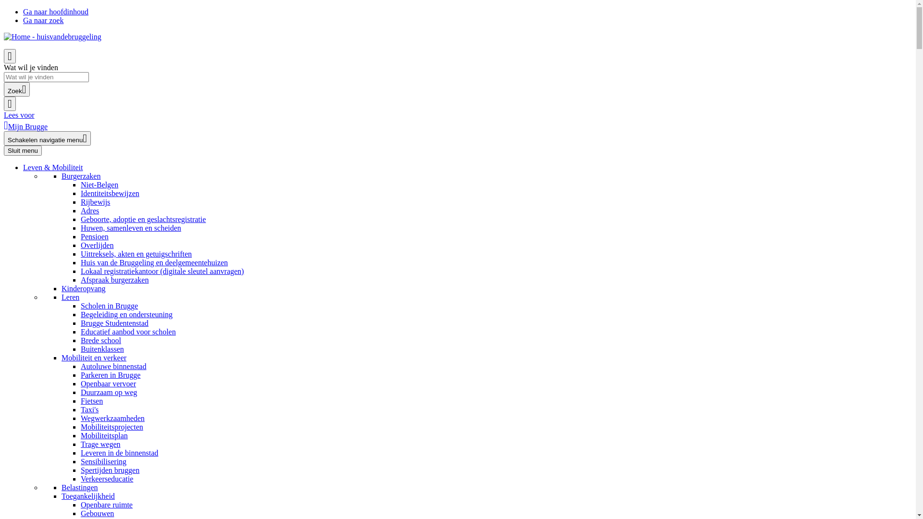  Describe the element at coordinates (19, 114) in the screenshot. I see `'Lees voor'` at that location.